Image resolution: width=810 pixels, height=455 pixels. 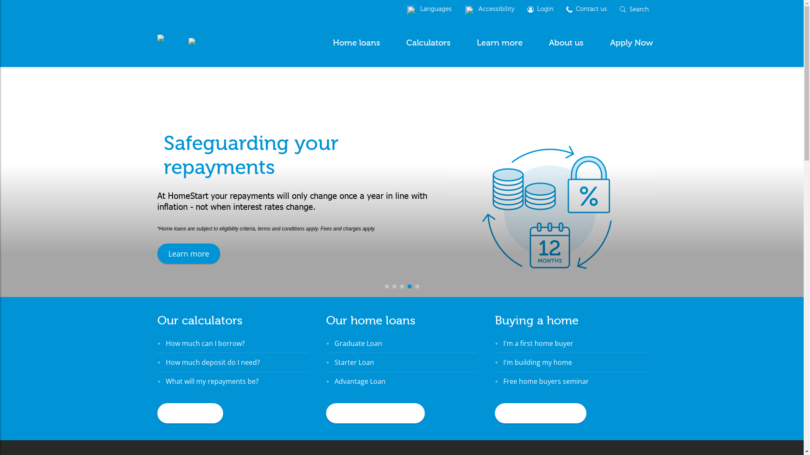 I want to click on 'I'm building my home', so click(x=537, y=362).